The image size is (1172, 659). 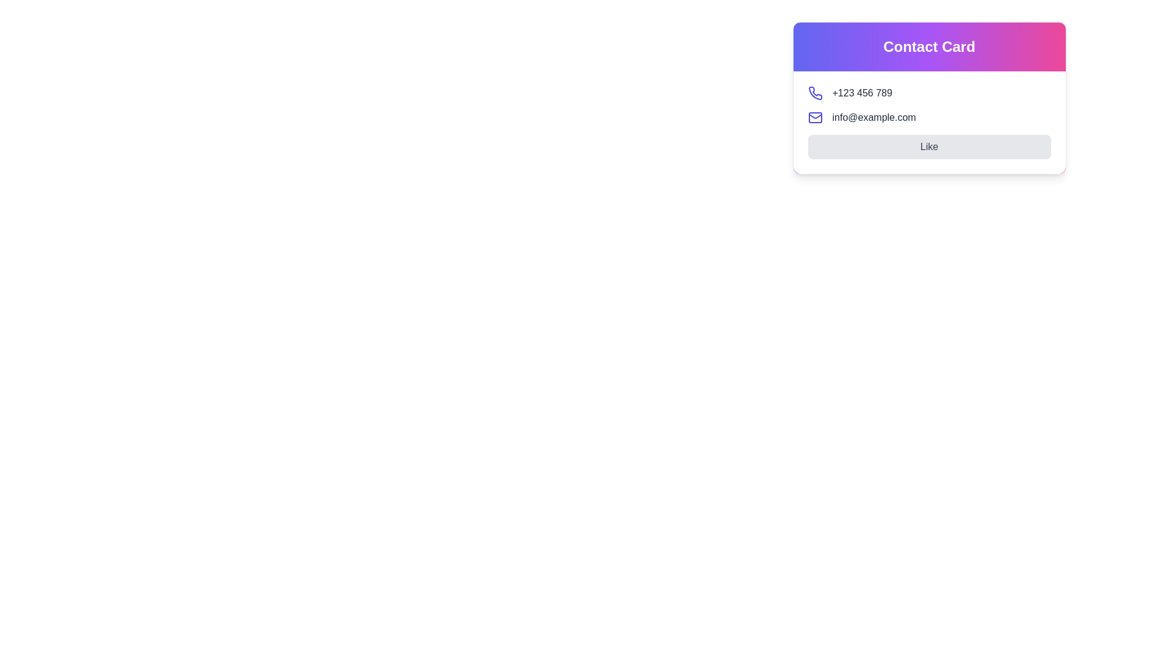 What do you see at coordinates (814, 92) in the screenshot?
I see `the phone icon located as the first icon in the list of contact details in the contact card, positioned to the left of the phone number text` at bounding box center [814, 92].